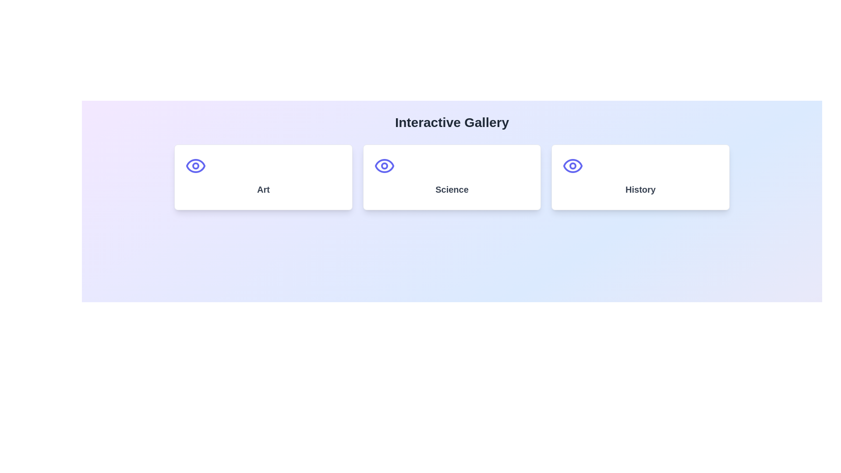 This screenshot has width=841, height=473. I want to click on the 'History' text label, which serves as a title for its card in the 'Interactive Gallery' section, located below an eye-shaped icon, so click(640, 189).